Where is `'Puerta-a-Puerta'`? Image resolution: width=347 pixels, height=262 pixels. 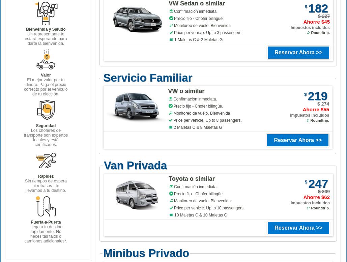
'Puerta-a-Puerta' is located at coordinates (30, 222).